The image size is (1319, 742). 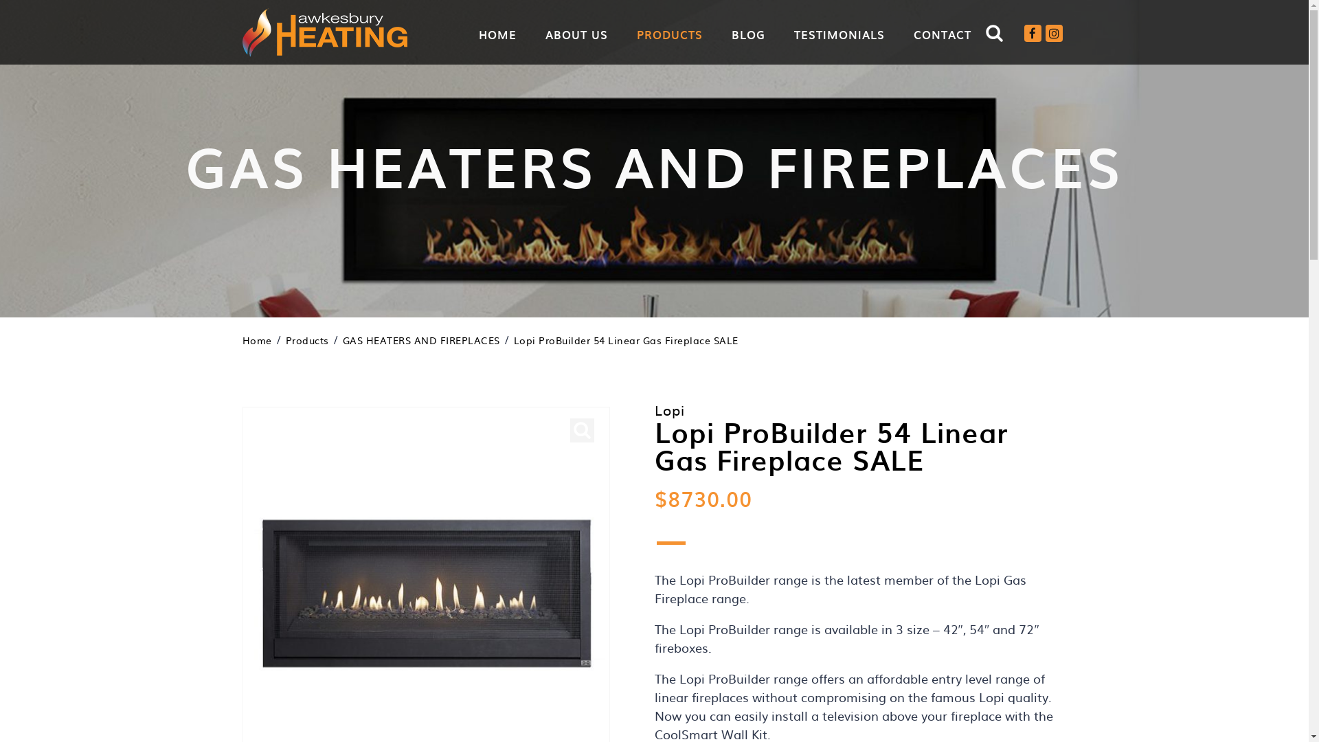 What do you see at coordinates (747, 34) in the screenshot?
I see `'BLOG'` at bounding box center [747, 34].